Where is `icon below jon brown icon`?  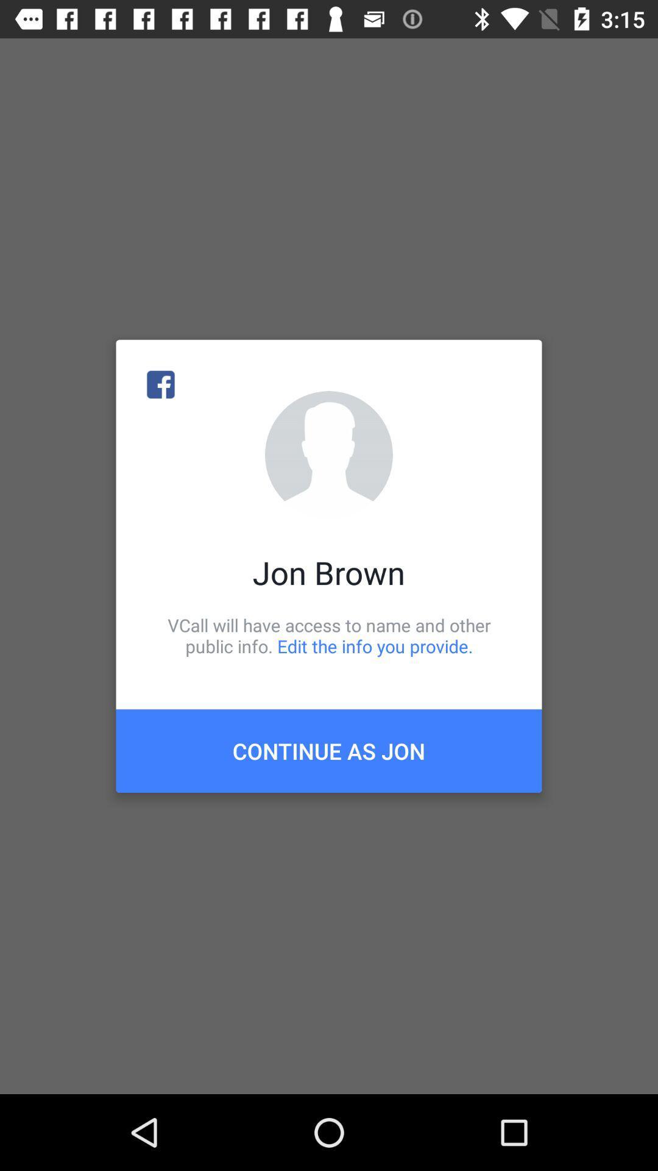 icon below jon brown icon is located at coordinates (329, 635).